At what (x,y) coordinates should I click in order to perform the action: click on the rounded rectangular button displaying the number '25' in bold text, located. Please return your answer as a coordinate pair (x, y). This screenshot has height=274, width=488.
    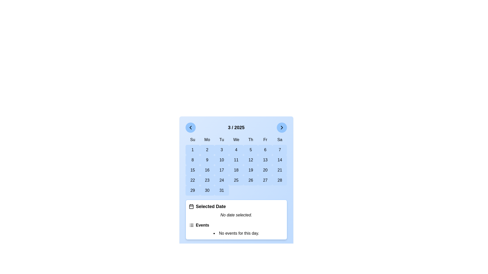
    Looking at the image, I should click on (236, 180).